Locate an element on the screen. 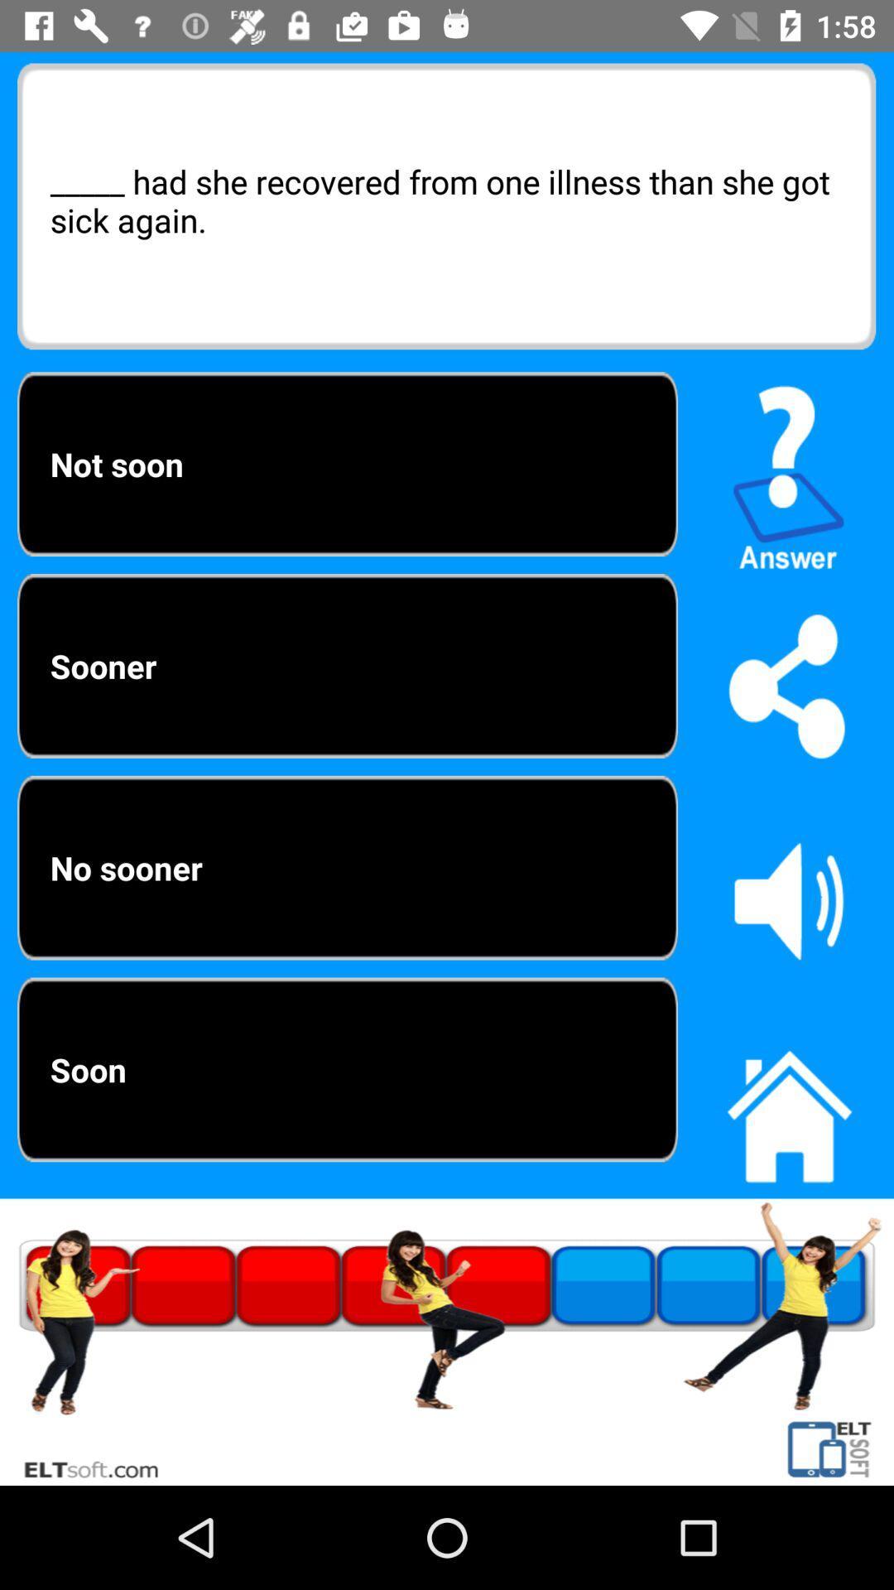 The image size is (894, 1590). volume control is located at coordinates (788, 899).